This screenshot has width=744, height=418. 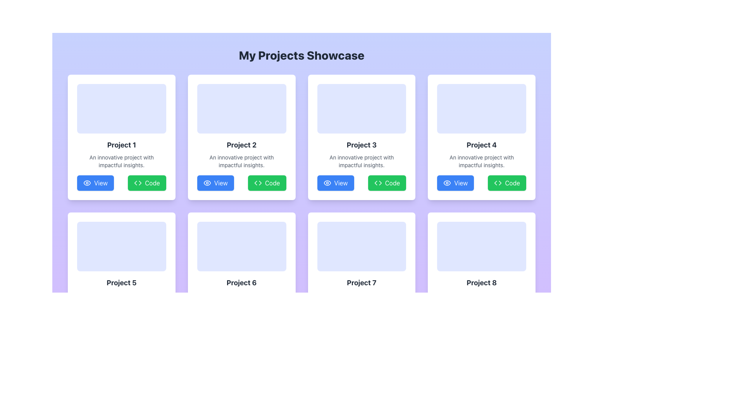 What do you see at coordinates (481, 145) in the screenshot?
I see `title text 'Project 4' which is displayed in bold font style and dark gray color, located in the fourth card of the 'My Projects Showcase' section` at bounding box center [481, 145].